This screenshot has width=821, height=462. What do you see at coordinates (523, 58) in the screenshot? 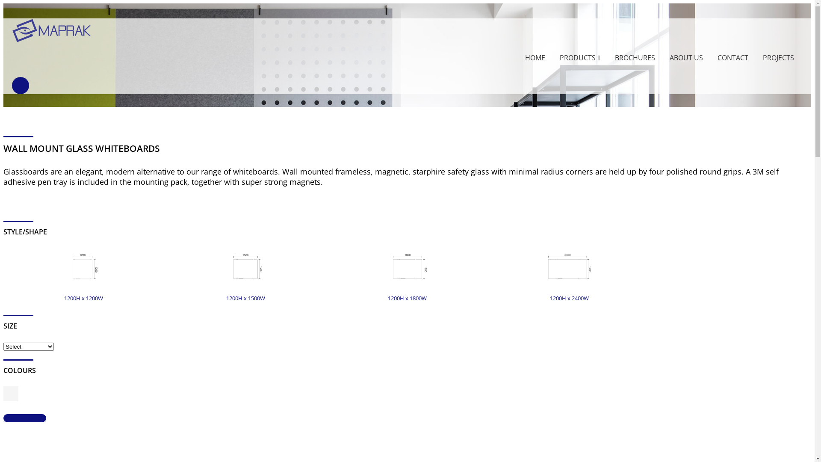
I see `'HOME'` at bounding box center [523, 58].